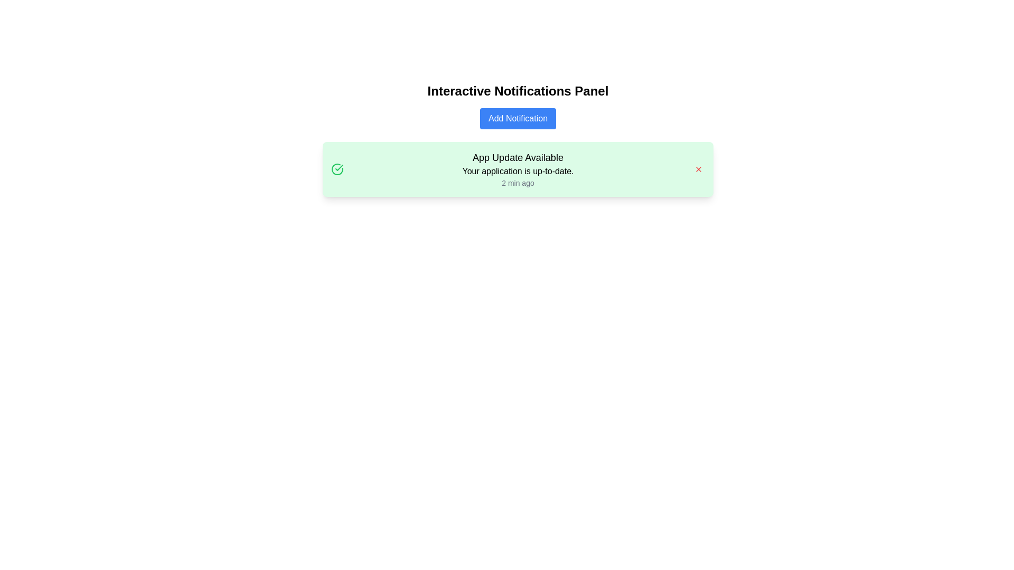 Image resolution: width=1014 pixels, height=570 pixels. Describe the element at coordinates (336, 168) in the screenshot. I see `the decorative graphic element within the SVG icon that indicates a successful or verified status on the left side of the notification card` at that location.